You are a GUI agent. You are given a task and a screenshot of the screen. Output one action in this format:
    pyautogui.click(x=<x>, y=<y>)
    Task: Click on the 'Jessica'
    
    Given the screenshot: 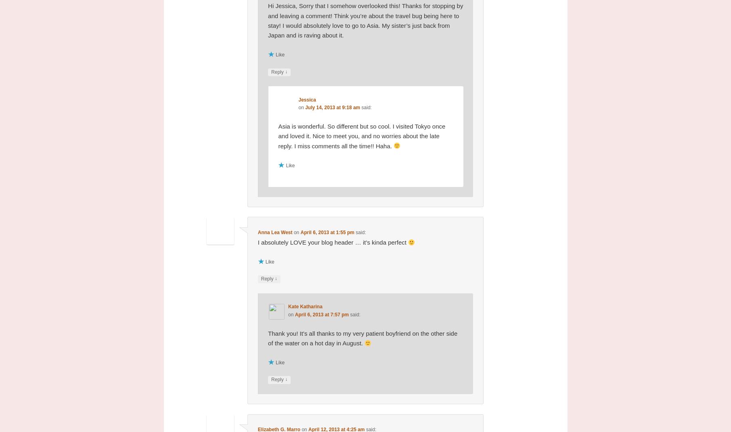 What is the action you would take?
    pyautogui.click(x=306, y=99)
    